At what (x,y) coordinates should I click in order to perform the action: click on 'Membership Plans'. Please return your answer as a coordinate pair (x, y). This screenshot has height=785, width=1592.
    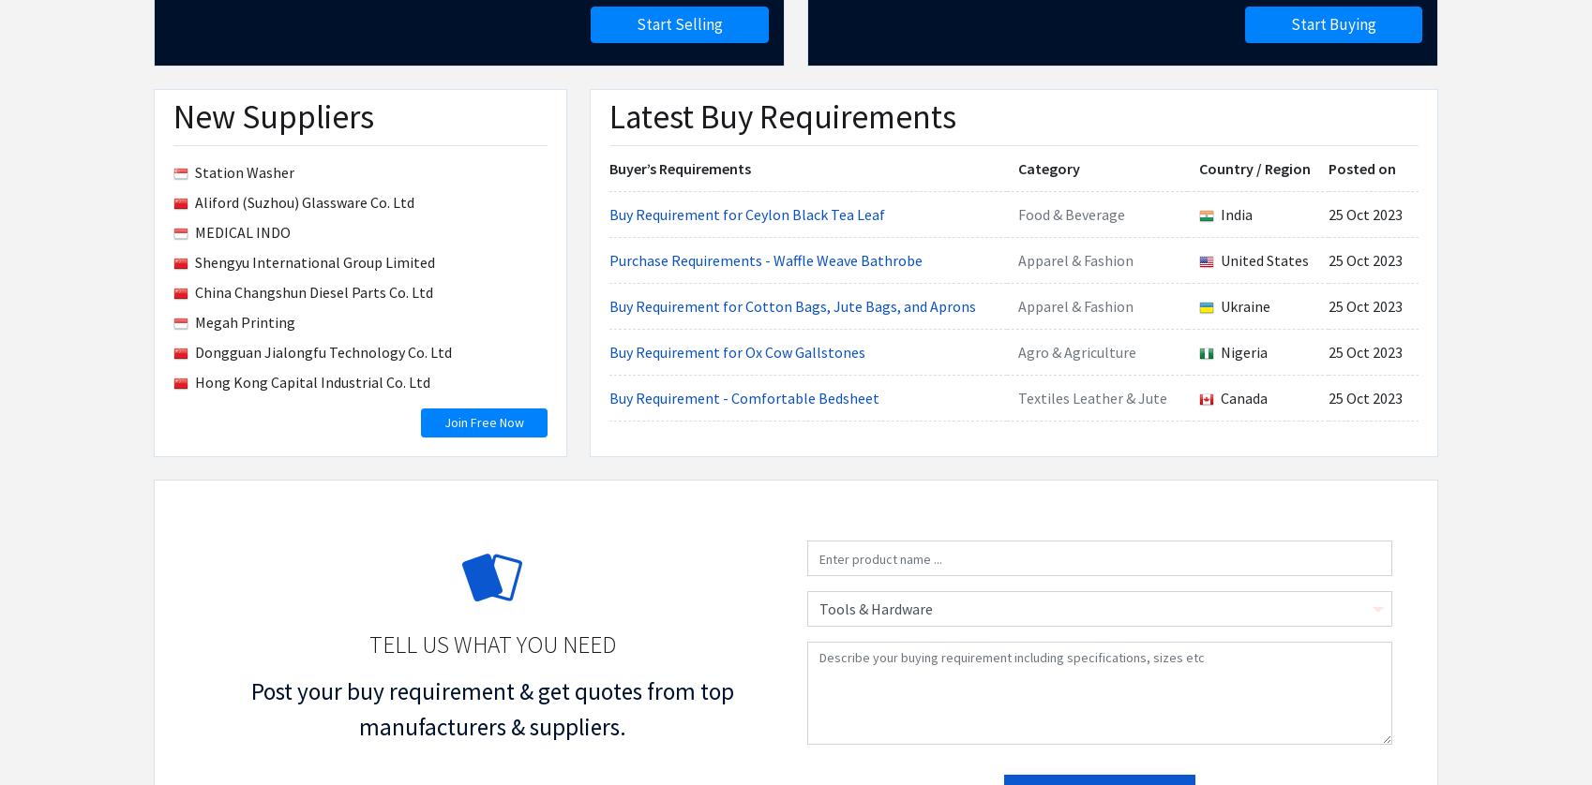
    Looking at the image, I should click on (203, 40).